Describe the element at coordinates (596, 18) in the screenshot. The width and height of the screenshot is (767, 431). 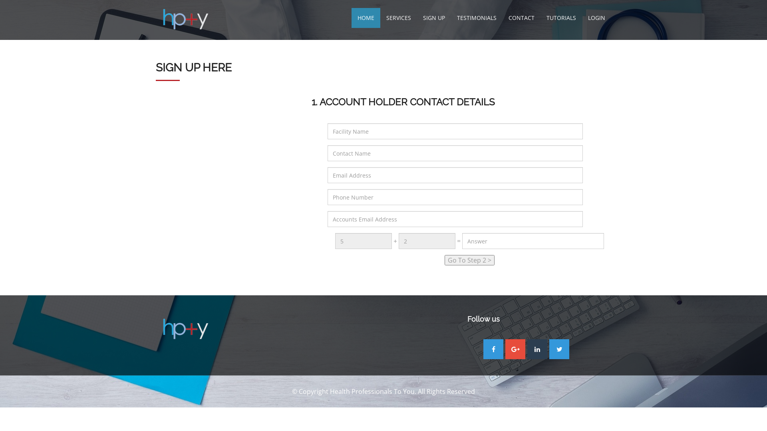
I see `'LOGIN'` at that location.